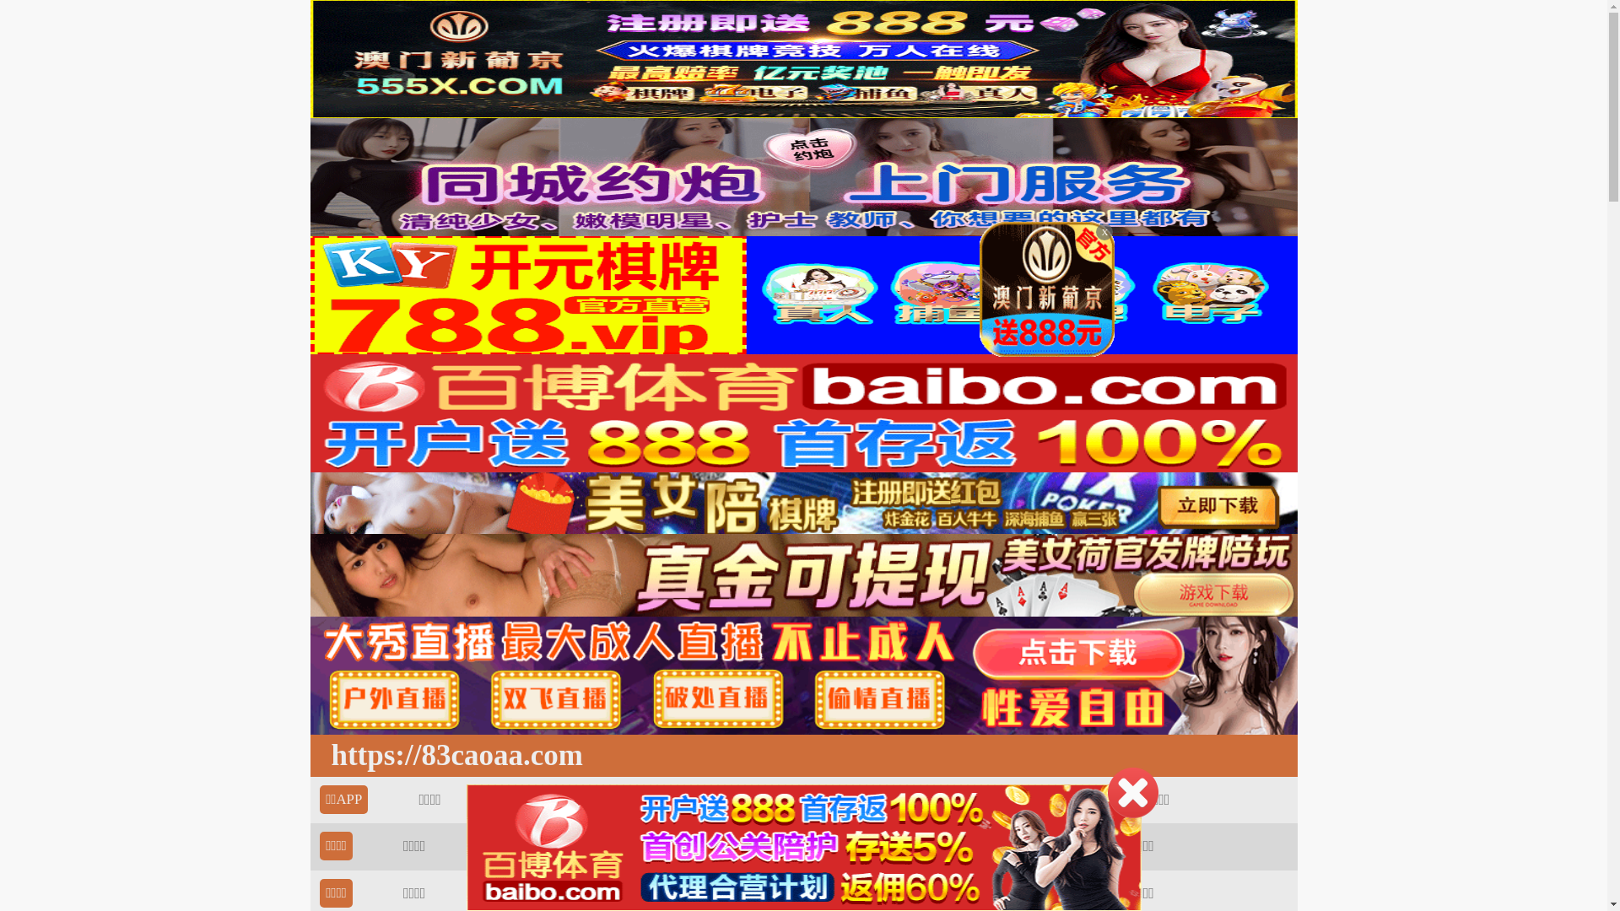 The height and width of the screenshot is (911, 1620). Describe the element at coordinates (452, 754) in the screenshot. I see `'https://83caoaa.com'` at that location.